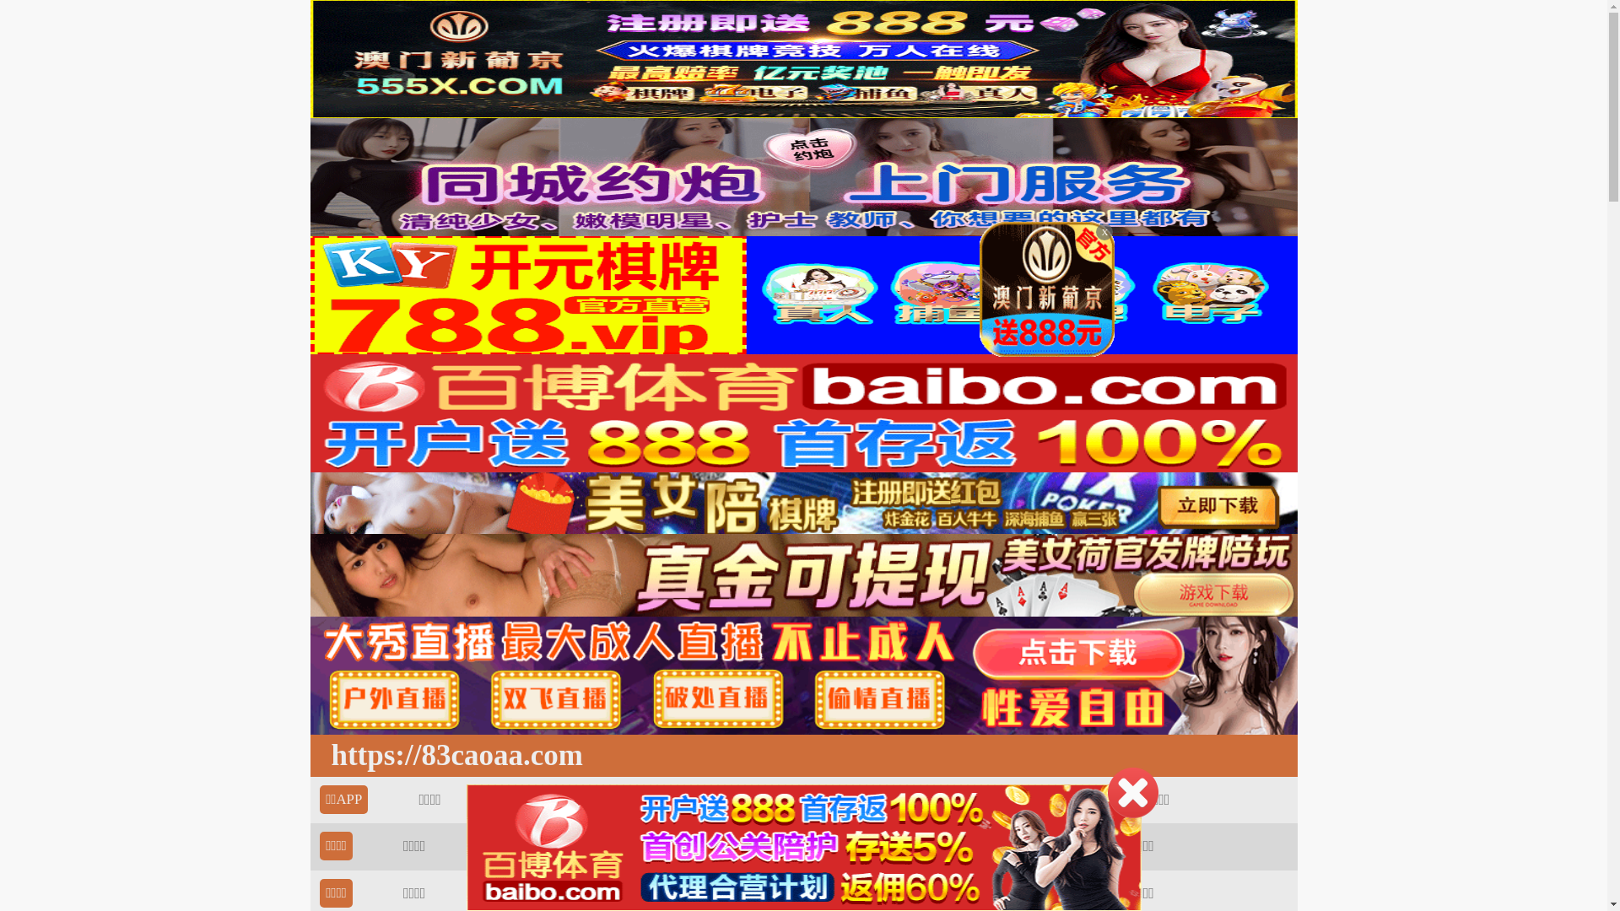 The height and width of the screenshot is (911, 1620). Describe the element at coordinates (452, 754) in the screenshot. I see `'https://83caoaa.com'` at that location.